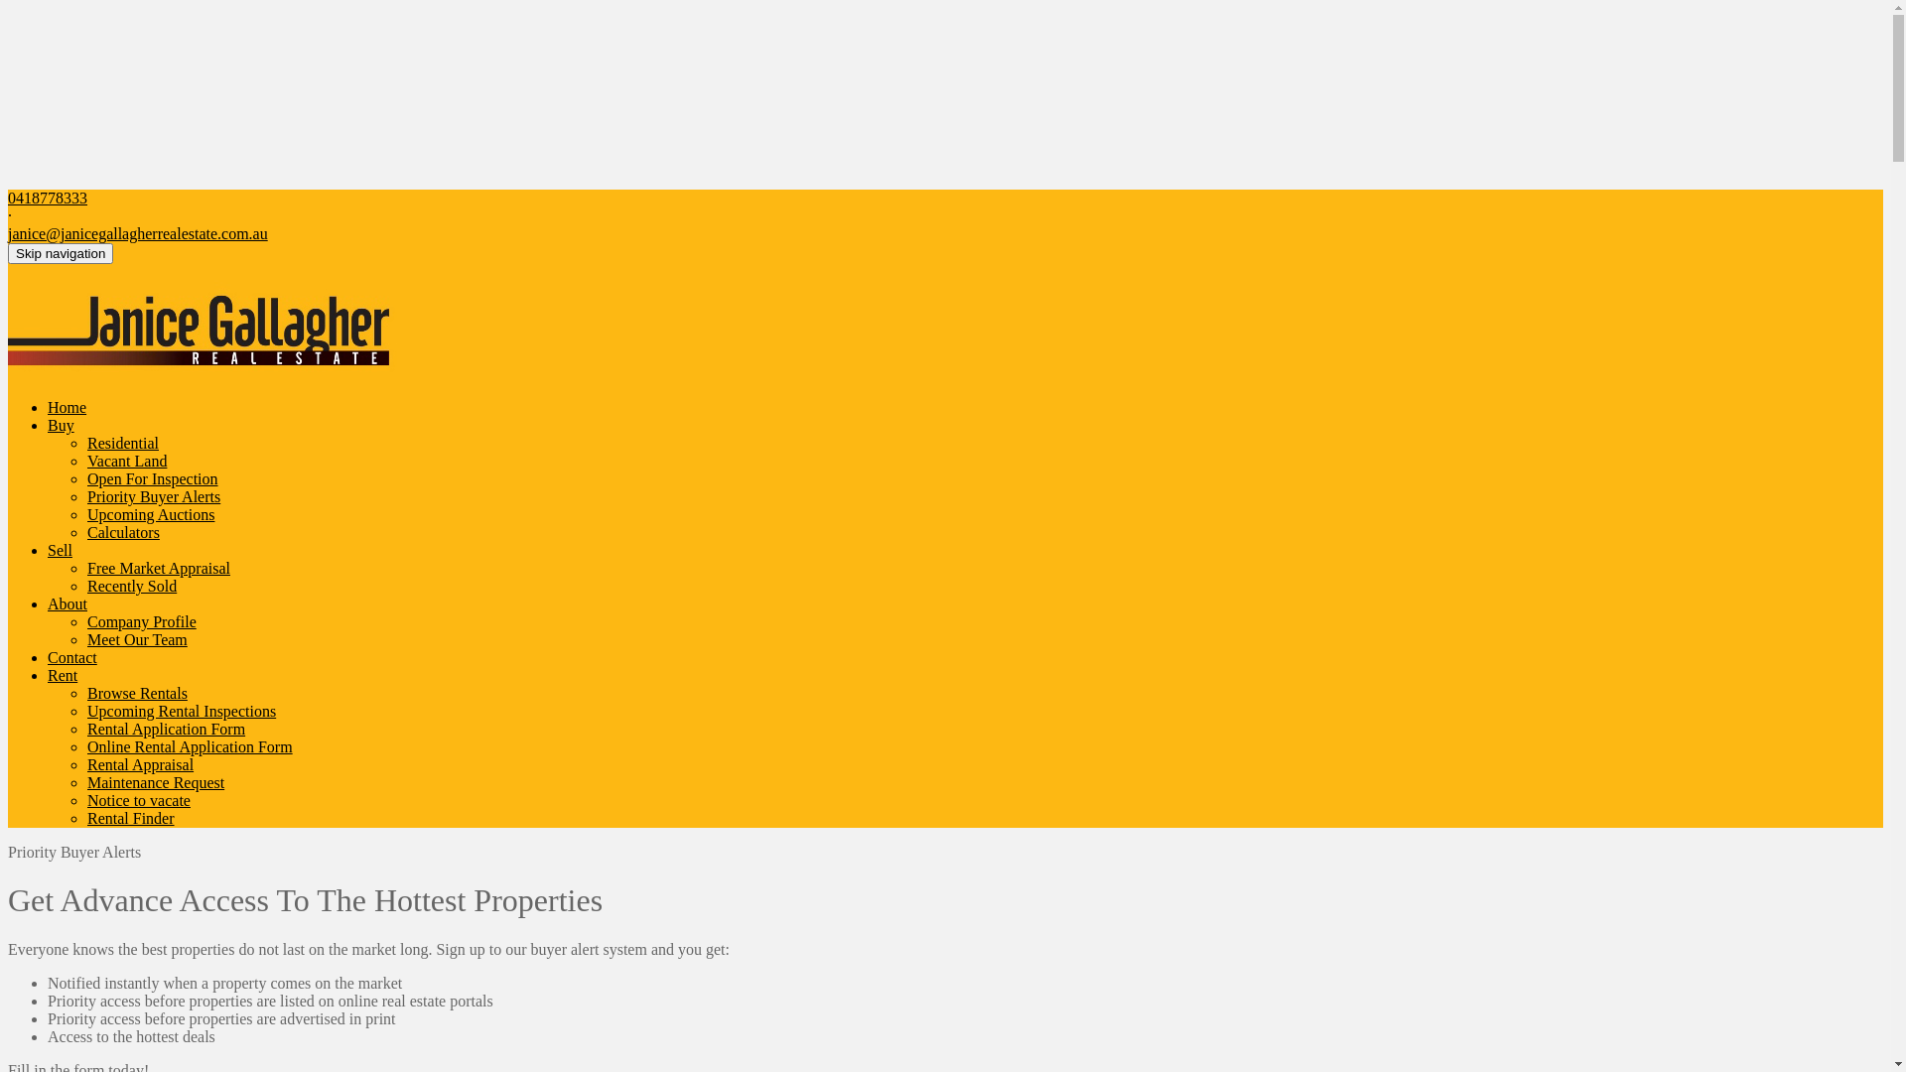 The width and height of the screenshot is (1906, 1072). Describe the element at coordinates (166, 729) in the screenshot. I see `'Rental Application Form'` at that location.